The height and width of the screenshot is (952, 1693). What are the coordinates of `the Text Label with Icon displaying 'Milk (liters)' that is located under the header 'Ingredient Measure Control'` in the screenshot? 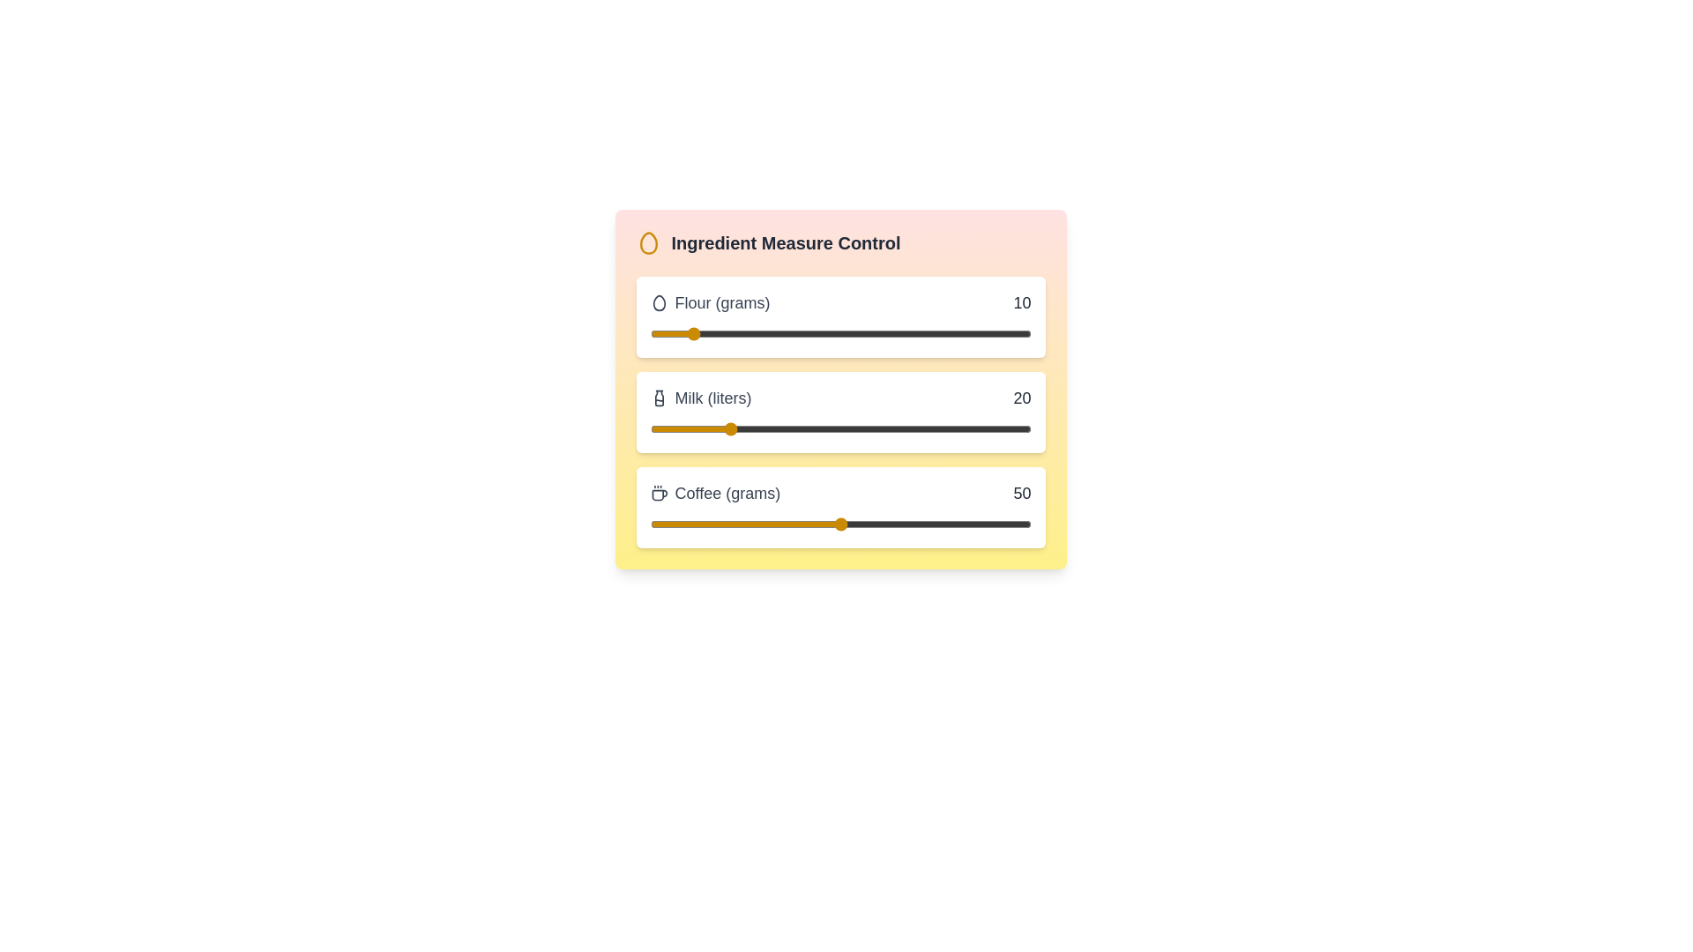 It's located at (700, 398).